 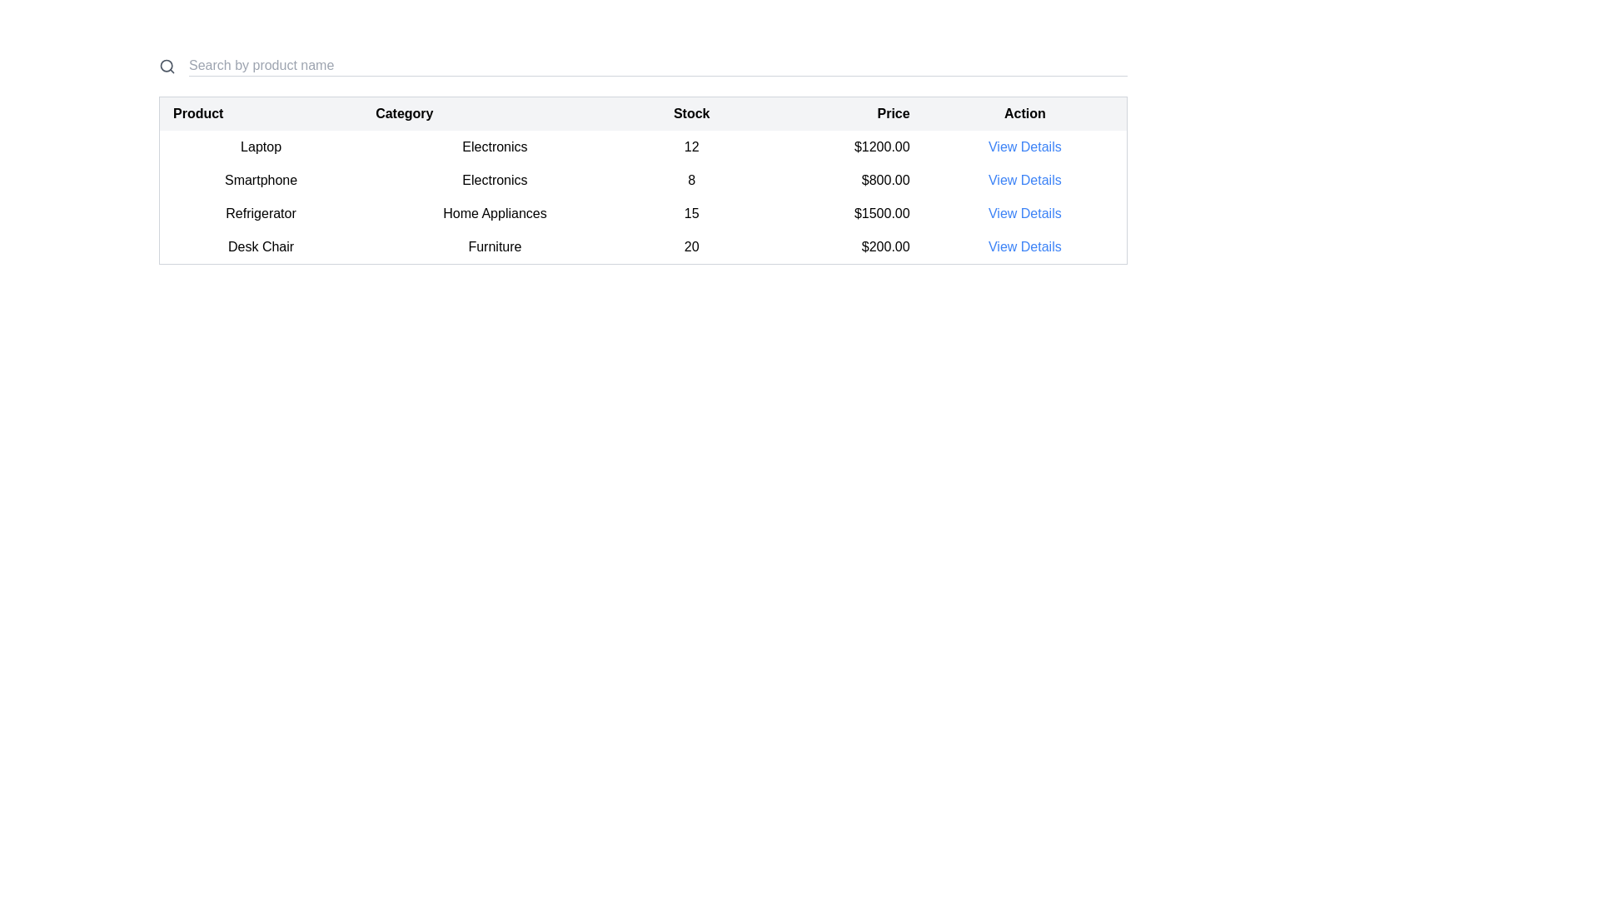 I want to click on the hyperlink in the last row of the table within the 'Action' column, so click(x=1024, y=247).